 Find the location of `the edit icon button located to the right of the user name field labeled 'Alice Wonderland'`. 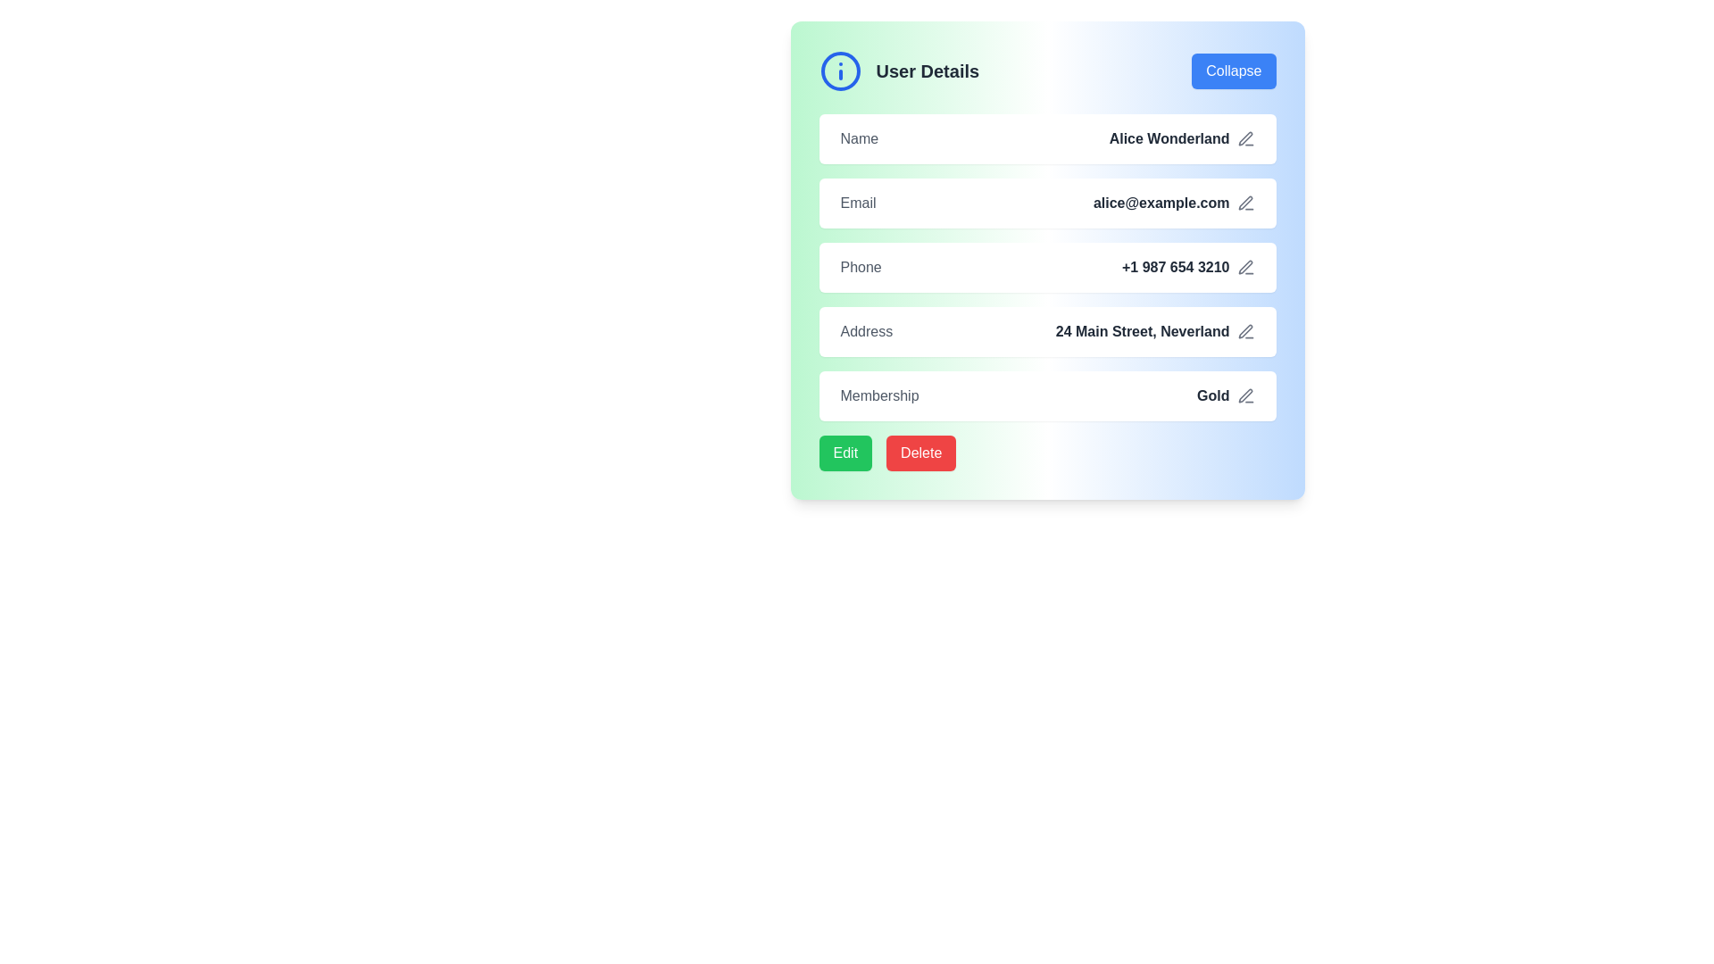

the edit icon button located to the right of the user name field labeled 'Alice Wonderland' is located at coordinates (1244, 137).